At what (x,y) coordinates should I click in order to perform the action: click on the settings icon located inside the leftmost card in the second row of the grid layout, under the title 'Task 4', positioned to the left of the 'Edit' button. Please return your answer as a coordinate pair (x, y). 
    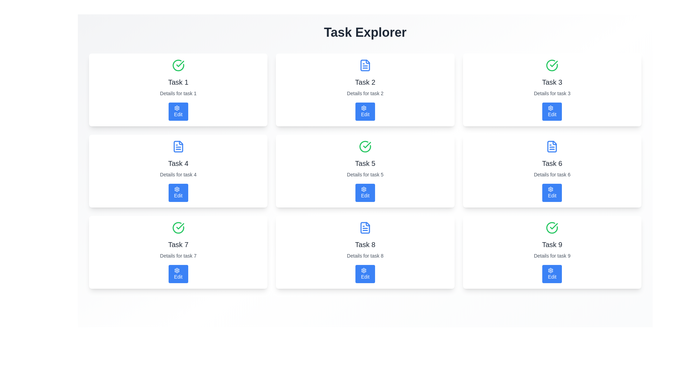
    Looking at the image, I should click on (177, 189).